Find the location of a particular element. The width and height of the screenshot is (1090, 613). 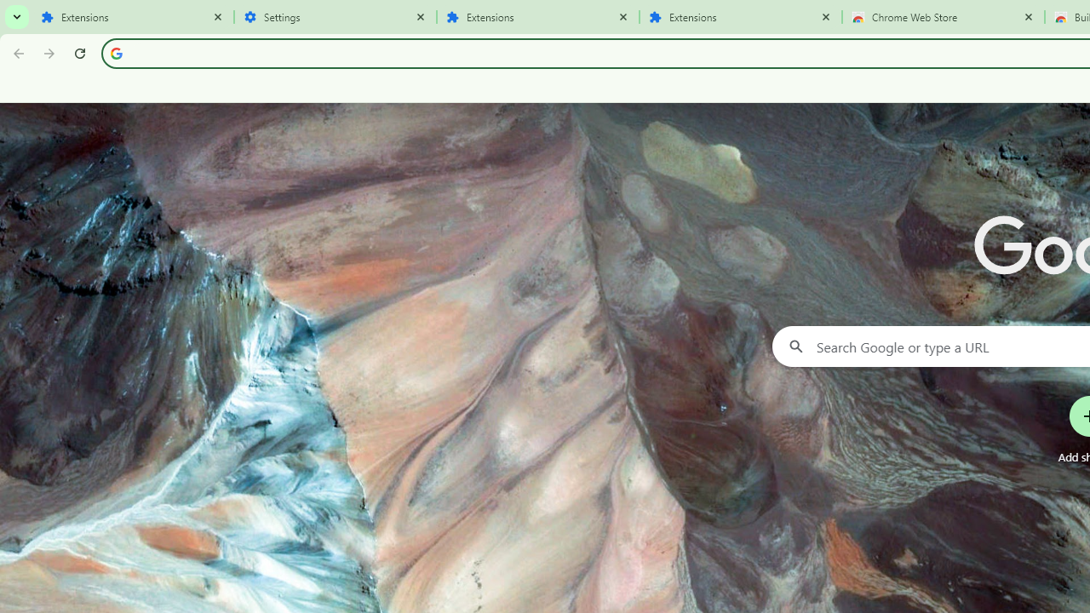

'Settings' is located at coordinates (336, 17).